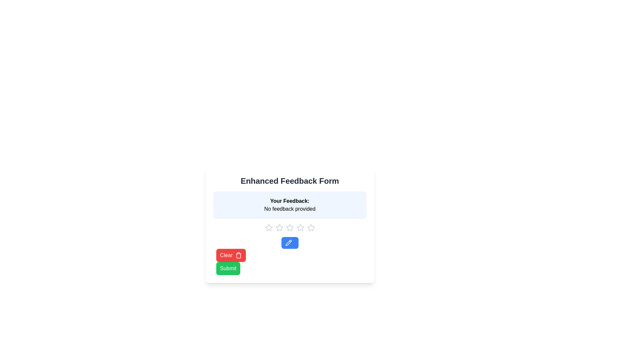 The image size is (632, 355). I want to click on the trash can icon located within the Clear button at the bottom left area of the feedback form, adjacent to the Submit button, so click(238, 255).